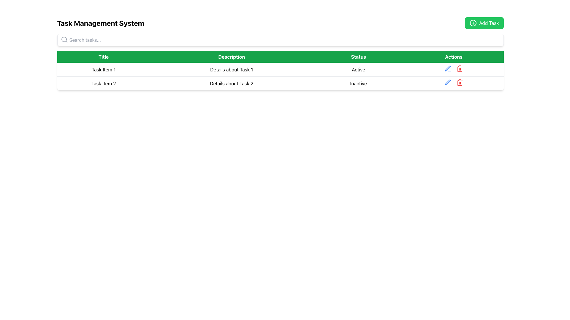  Describe the element at coordinates (64, 40) in the screenshot. I see `the search icon located at the top-left corner of the search bar input field, which serves as a visual clue for the search functionality` at that location.